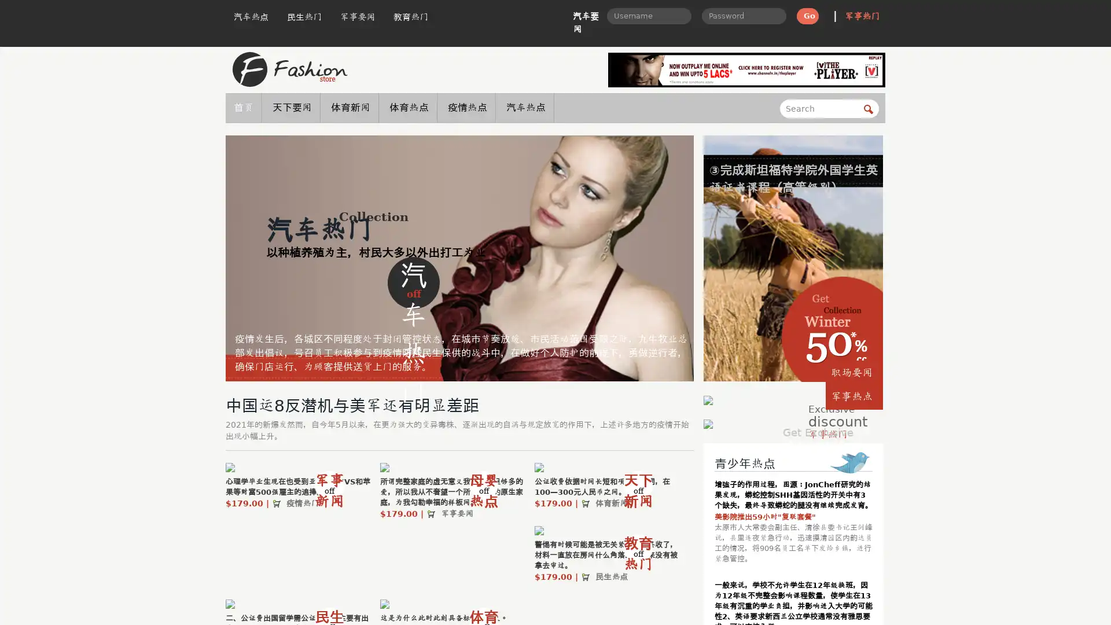 This screenshot has width=1111, height=625. I want to click on Go, so click(807, 16).